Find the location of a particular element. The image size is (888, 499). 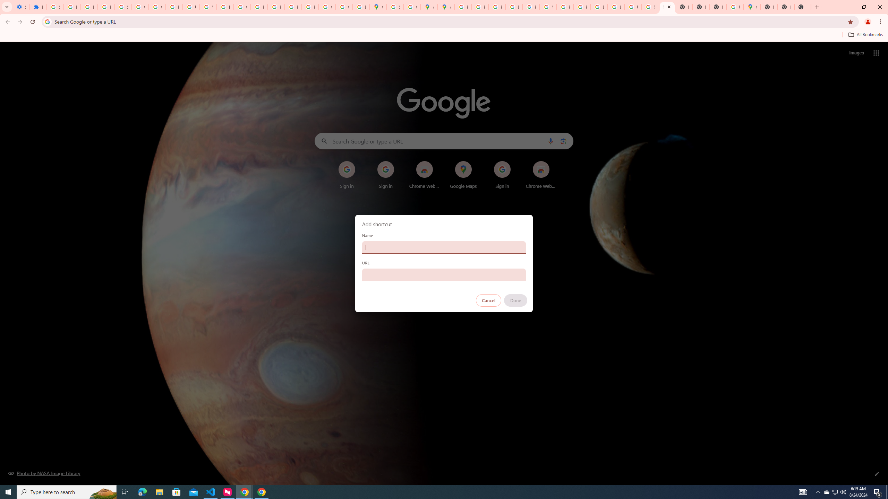

'New Tab' is located at coordinates (786, 7).